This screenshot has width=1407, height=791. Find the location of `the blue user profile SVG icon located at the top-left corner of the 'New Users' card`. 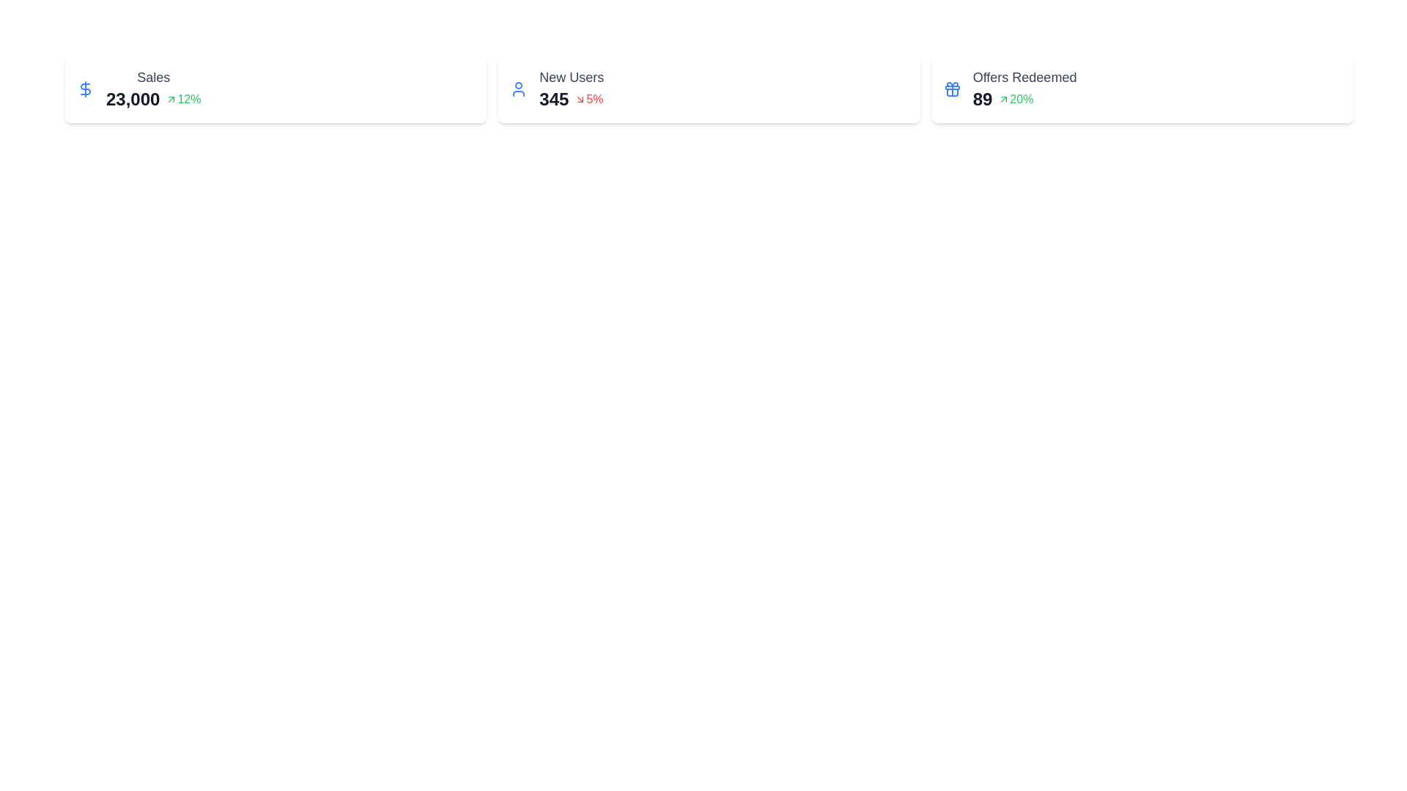

the blue user profile SVG icon located at the top-left corner of the 'New Users' card is located at coordinates (519, 89).